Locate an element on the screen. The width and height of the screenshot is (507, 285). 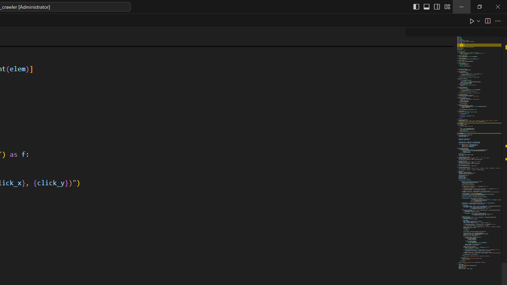
'Run Python File' is located at coordinates (472, 20).